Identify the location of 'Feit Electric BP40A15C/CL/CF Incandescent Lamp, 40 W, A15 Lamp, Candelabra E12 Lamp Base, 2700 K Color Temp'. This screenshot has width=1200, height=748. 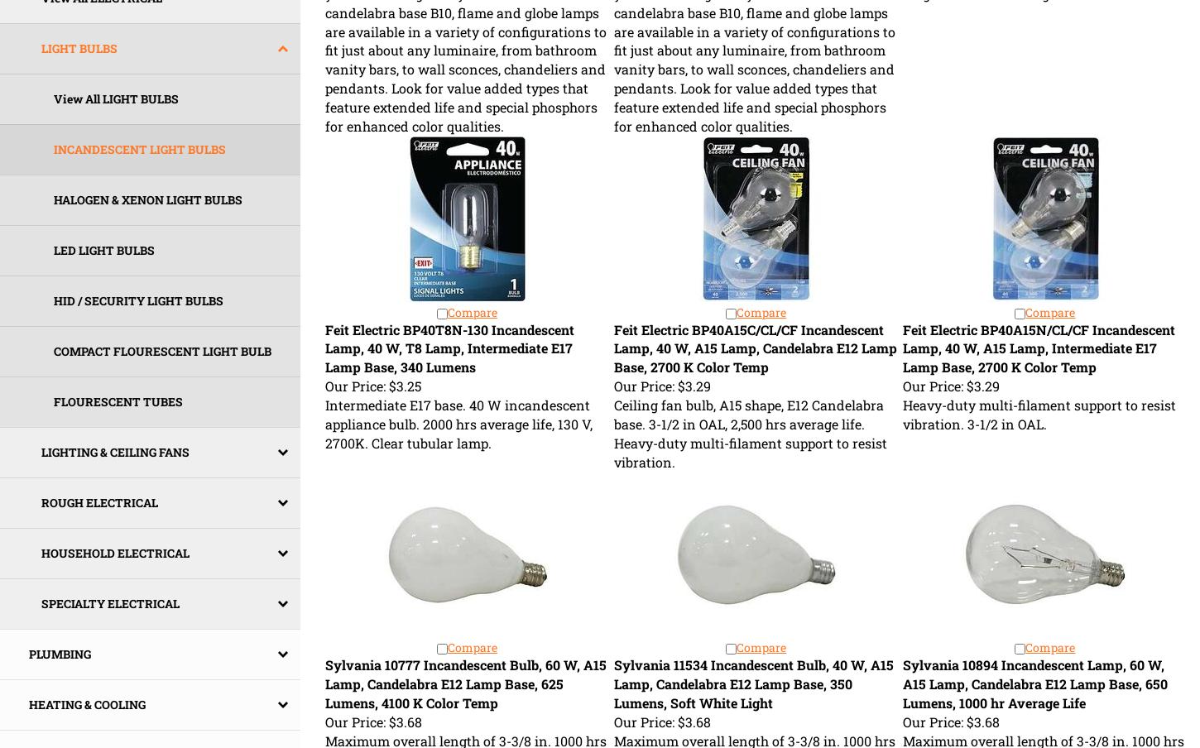
(754, 348).